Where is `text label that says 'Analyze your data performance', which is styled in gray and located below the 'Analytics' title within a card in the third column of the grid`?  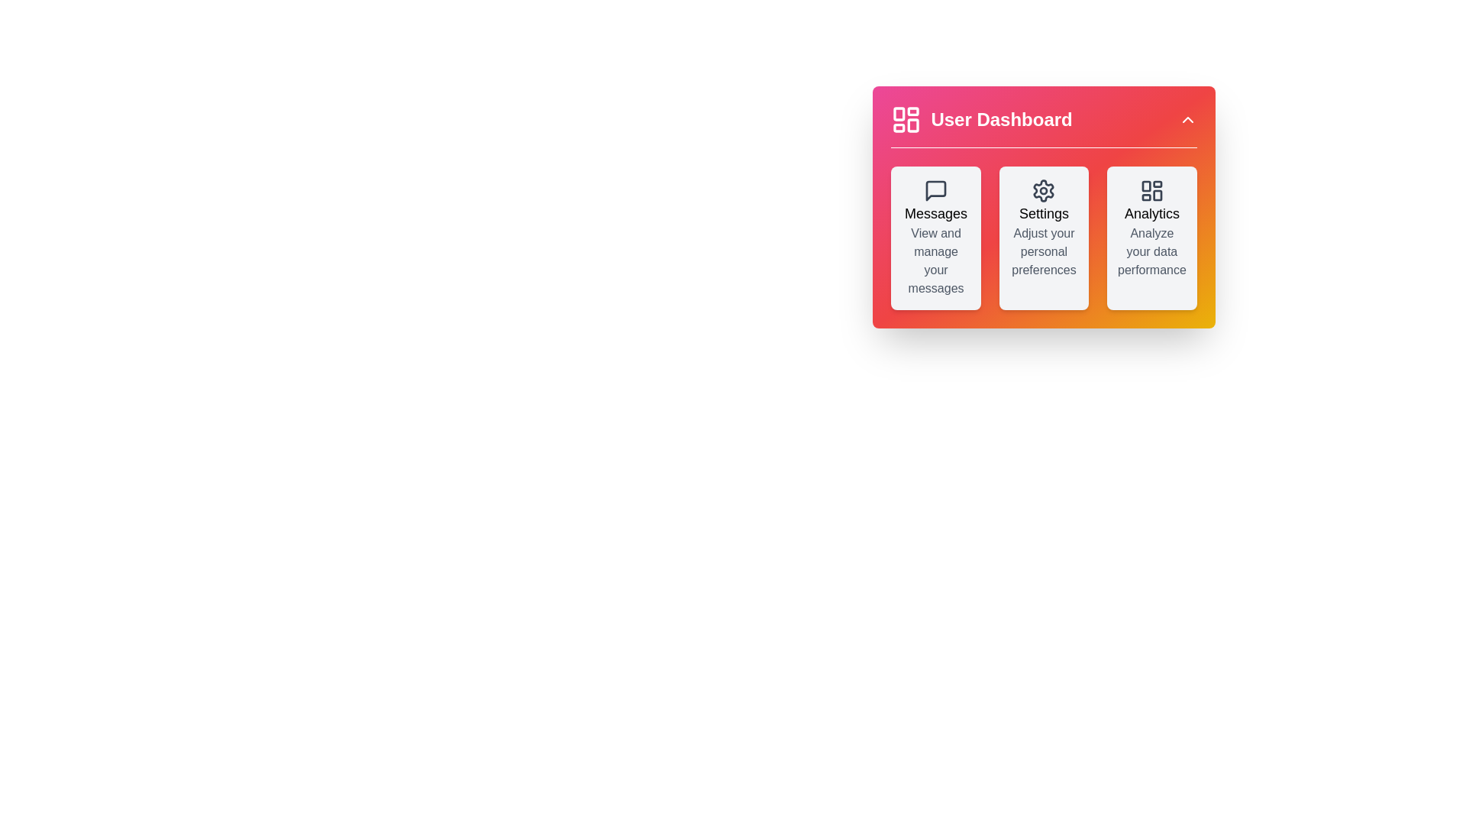
text label that says 'Analyze your data performance', which is styled in gray and located below the 'Analytics' title within a card in the third column of the grid is located at coordinates (1151, 251).